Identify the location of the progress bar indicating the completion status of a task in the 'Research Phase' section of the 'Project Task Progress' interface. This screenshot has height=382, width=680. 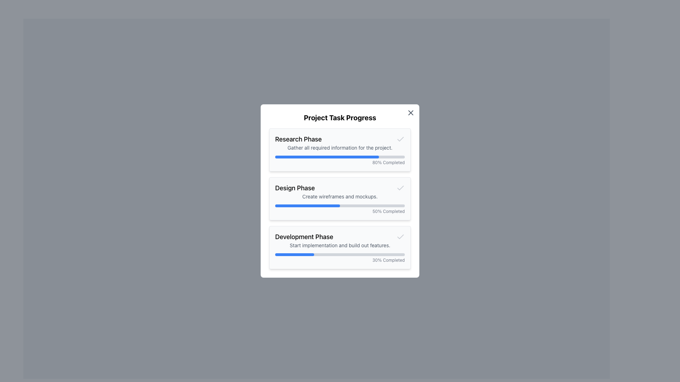
(340, 156).